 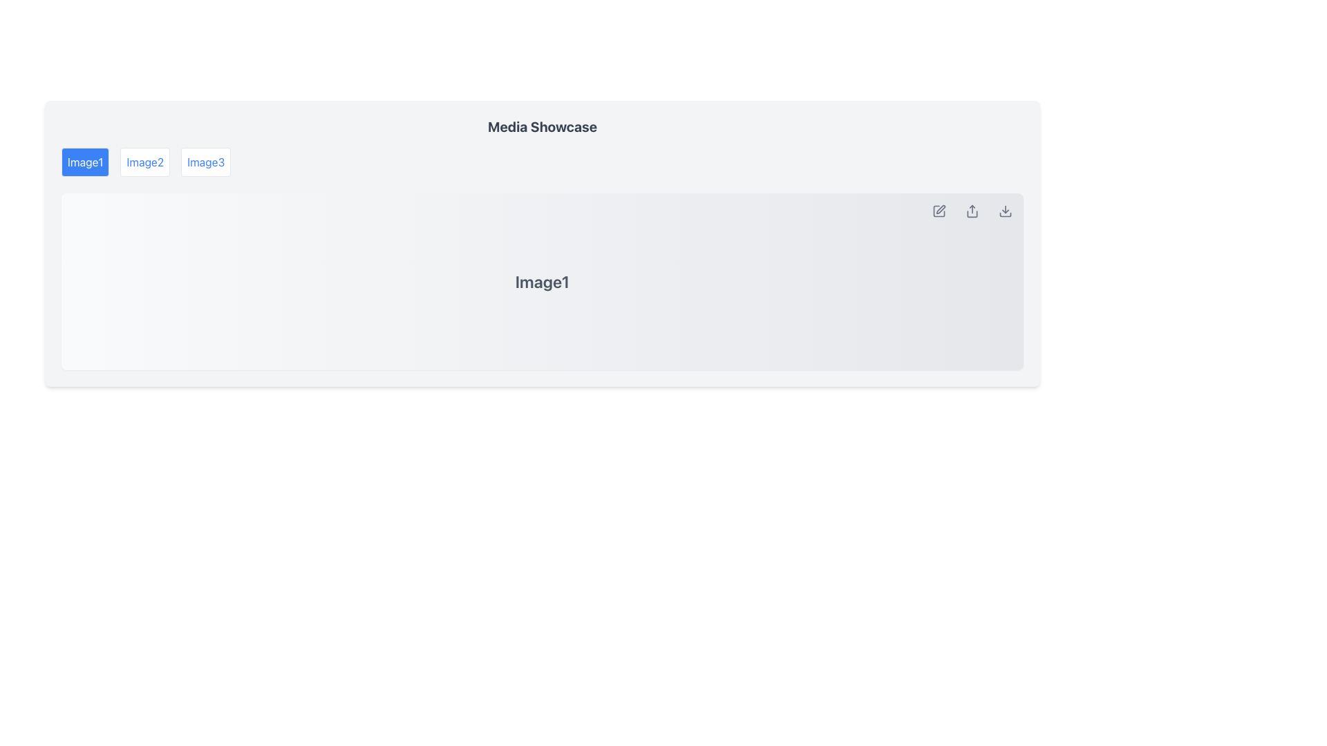 What do you see at coordinates (940, 209) in the screenshot?
I see `the edit icon located in the top-right corner of the image display panel` at bounding box center [940, 209].